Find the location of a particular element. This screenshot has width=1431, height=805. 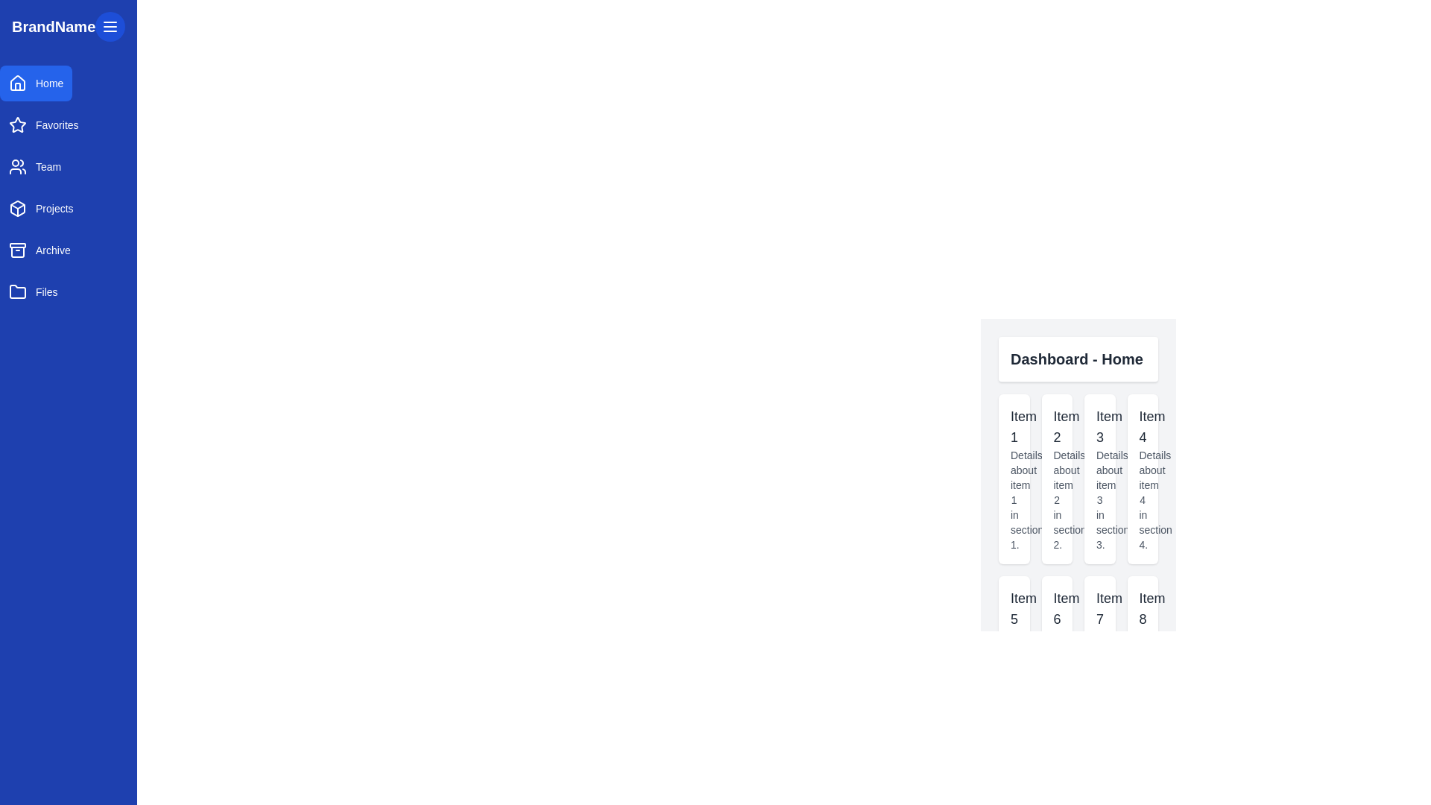

the 'Projects' icon, which is a hollow 3D box outline located in the vertical sidebar, positioned between the 'Team' and 'Archive' sections is located at coordinates (18, 209).